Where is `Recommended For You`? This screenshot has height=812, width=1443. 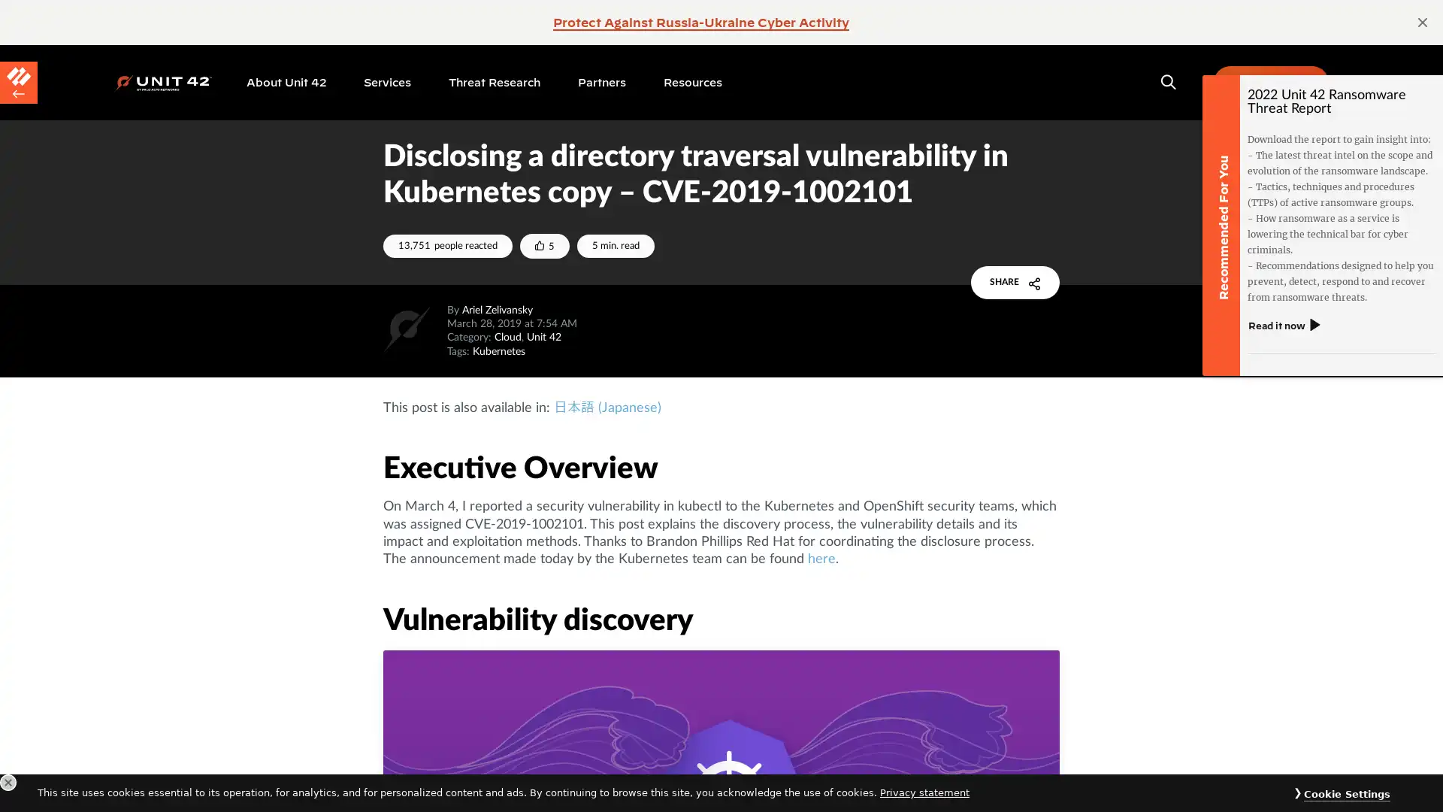
Recommended For You is located at coordinates (1221, 226).